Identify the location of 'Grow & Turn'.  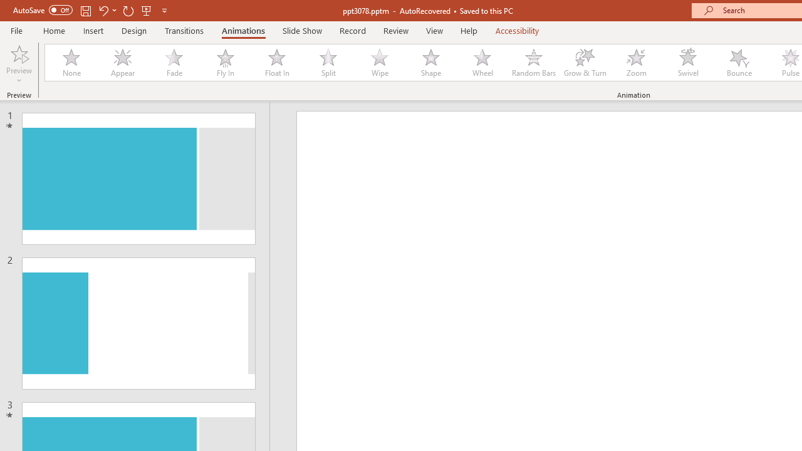
(585, 63).